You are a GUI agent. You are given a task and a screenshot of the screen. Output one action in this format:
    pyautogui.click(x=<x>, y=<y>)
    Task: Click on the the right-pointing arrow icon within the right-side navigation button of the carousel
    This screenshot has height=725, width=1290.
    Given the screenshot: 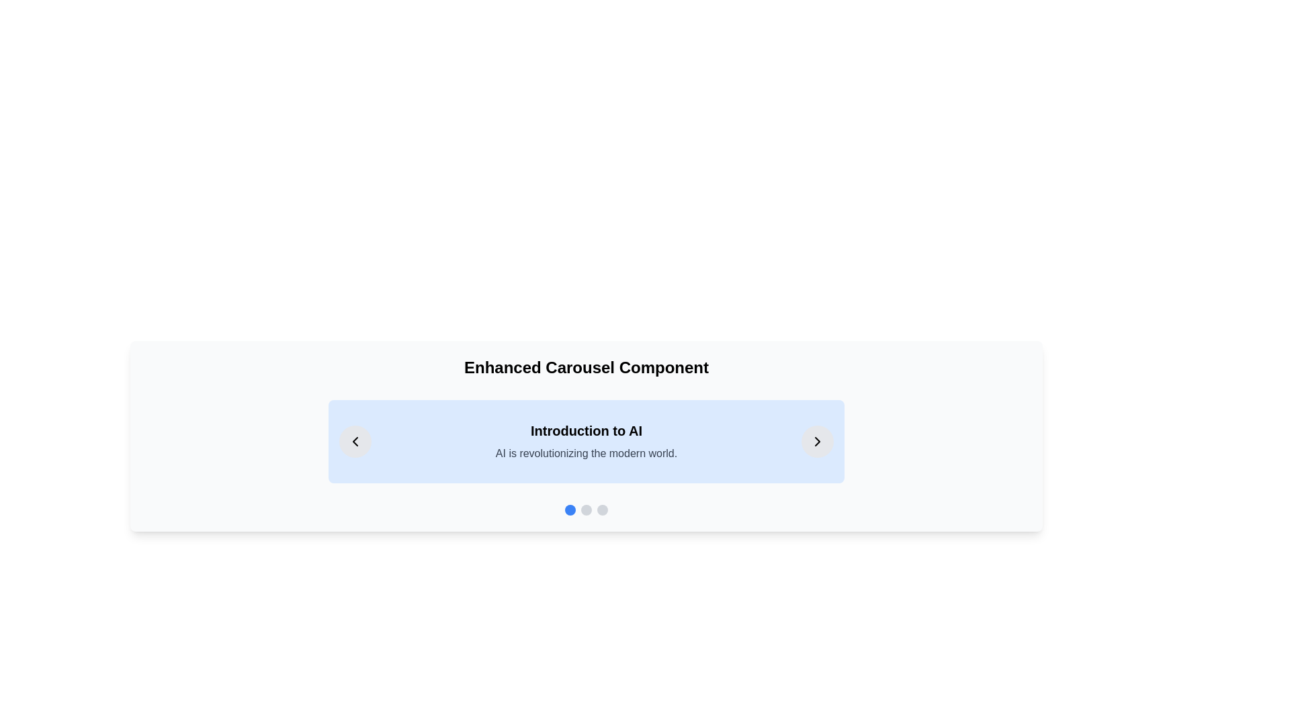 What is the action you would take?
    pyautogui.click(x=817, y=442)
    